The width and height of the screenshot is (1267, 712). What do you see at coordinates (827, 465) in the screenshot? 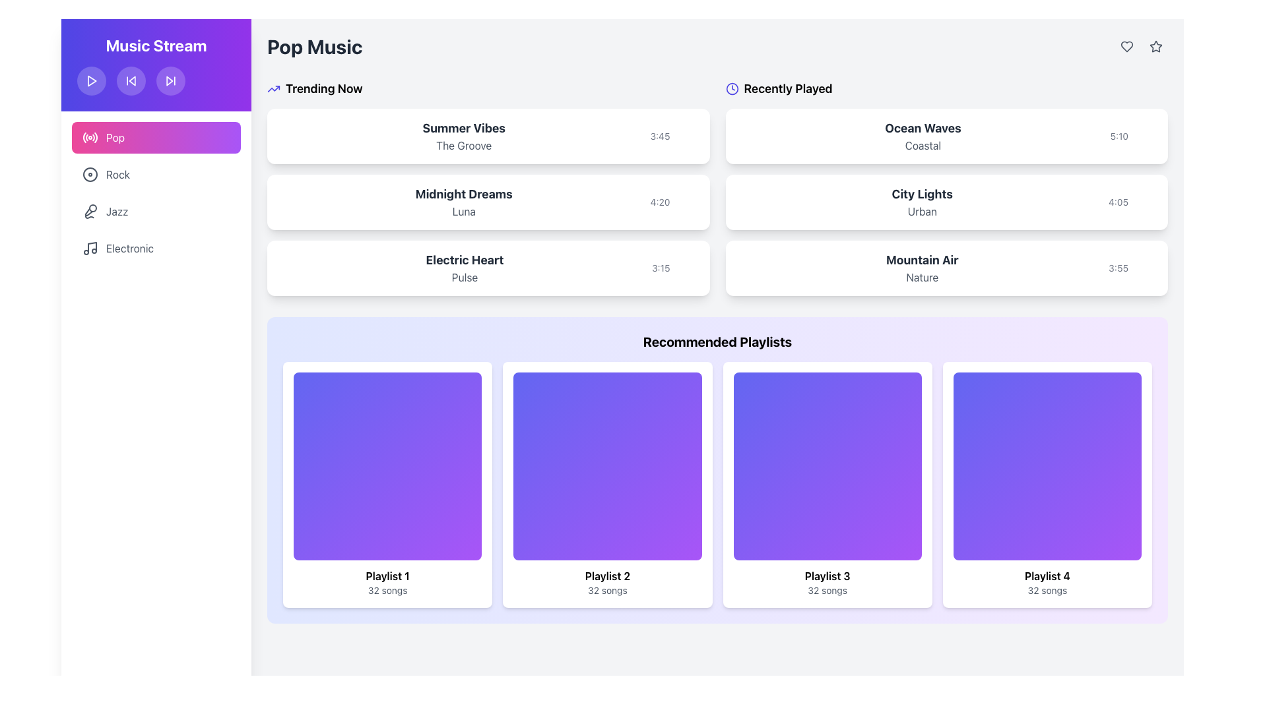
I see `the Decorative gradient tile, which is a square tile with rounded corners, featuring a gradient from indigo to purple, located in the 'Recommended Playlists' section under 'Playlist 3'` at bounding box center [827, 465].